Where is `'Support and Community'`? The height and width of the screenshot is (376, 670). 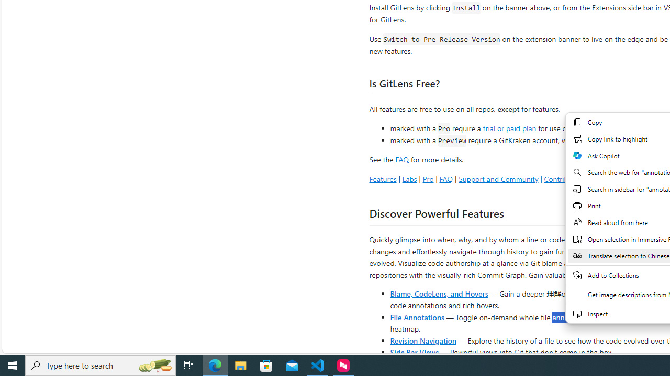 'Support and Community' is located at coordinates (498, 178).